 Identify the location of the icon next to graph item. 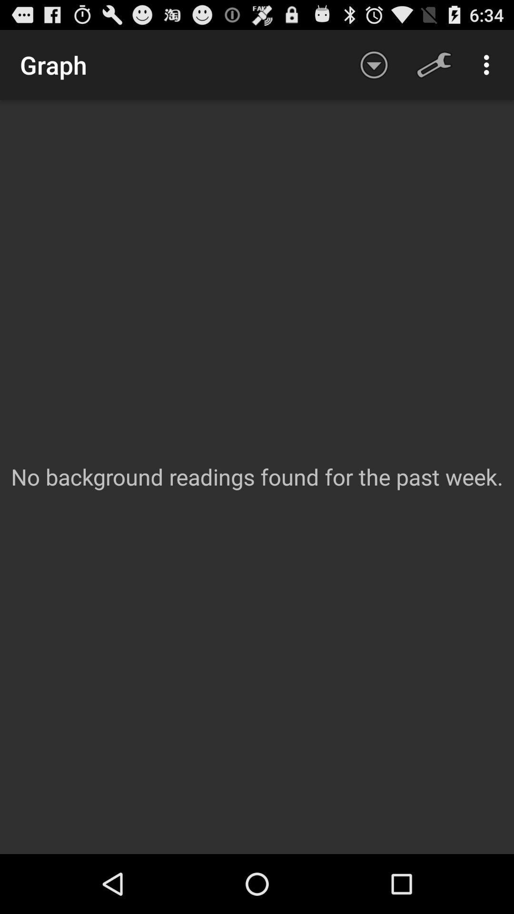
(374, 64).